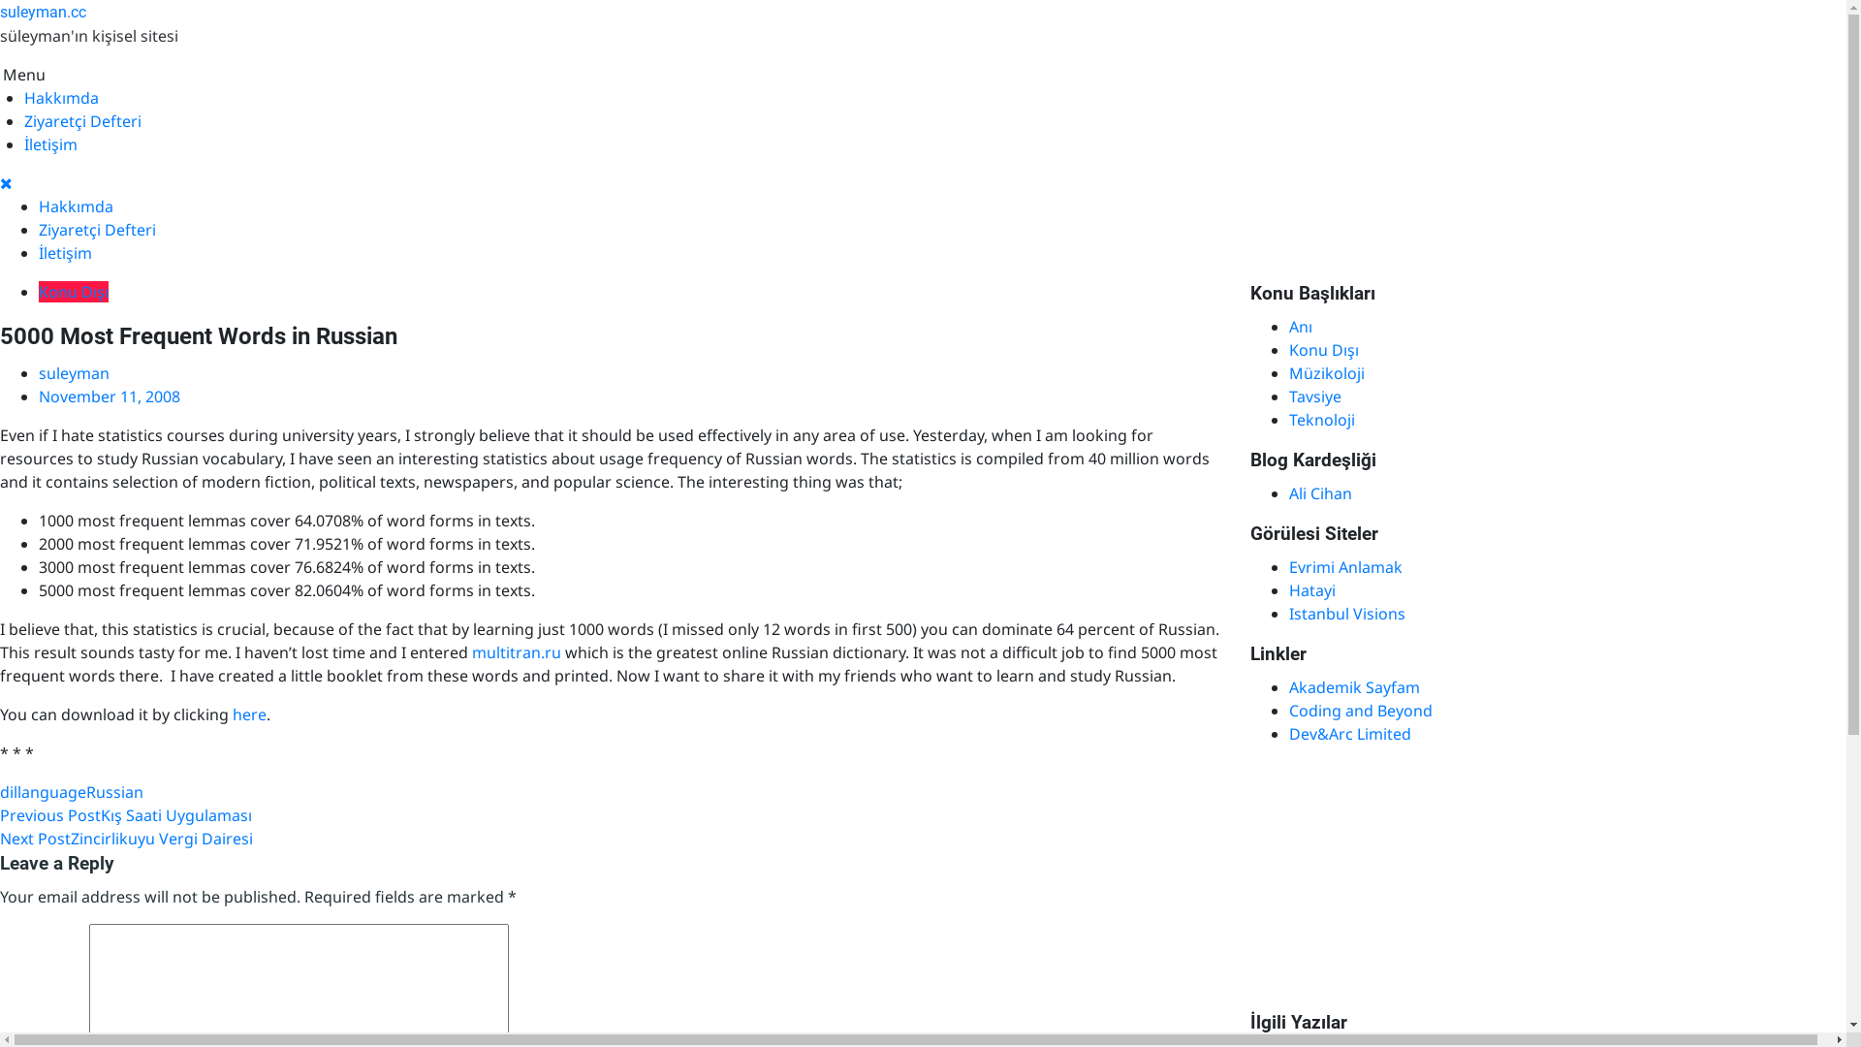 This screenshot has height=1047, width=1861. What do you see at coordinates (85, 792) in the screenshot?
I see `'Russian'` at bounding box center [85, 792].